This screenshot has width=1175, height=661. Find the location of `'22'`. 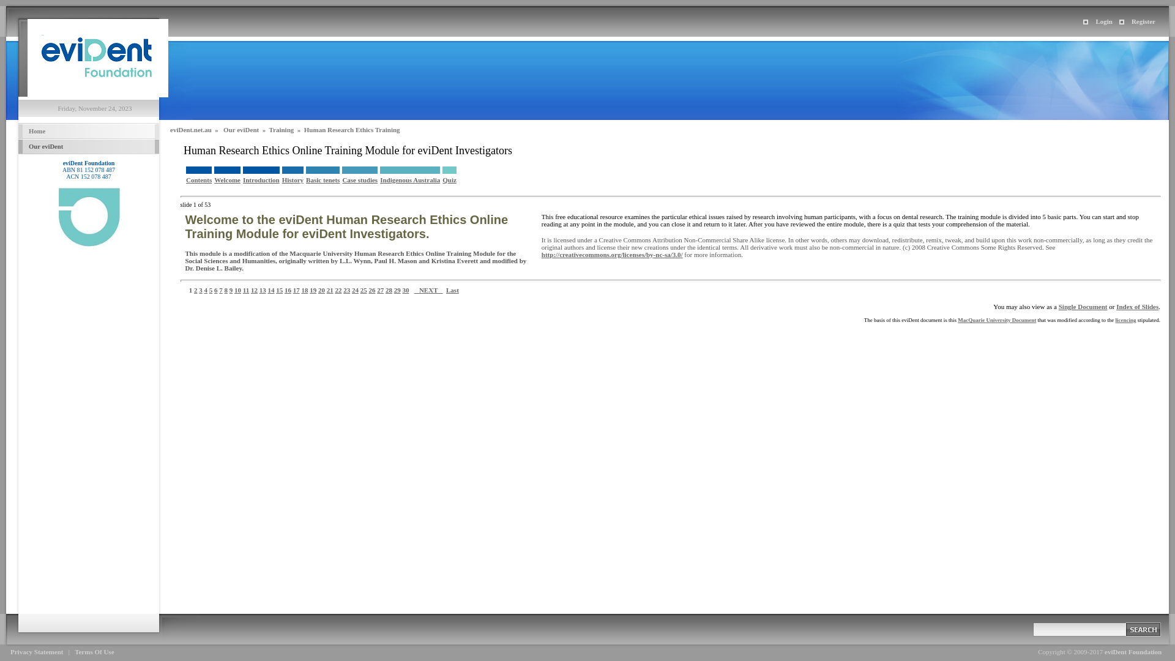

'22' is located at coordinates (338, 290).